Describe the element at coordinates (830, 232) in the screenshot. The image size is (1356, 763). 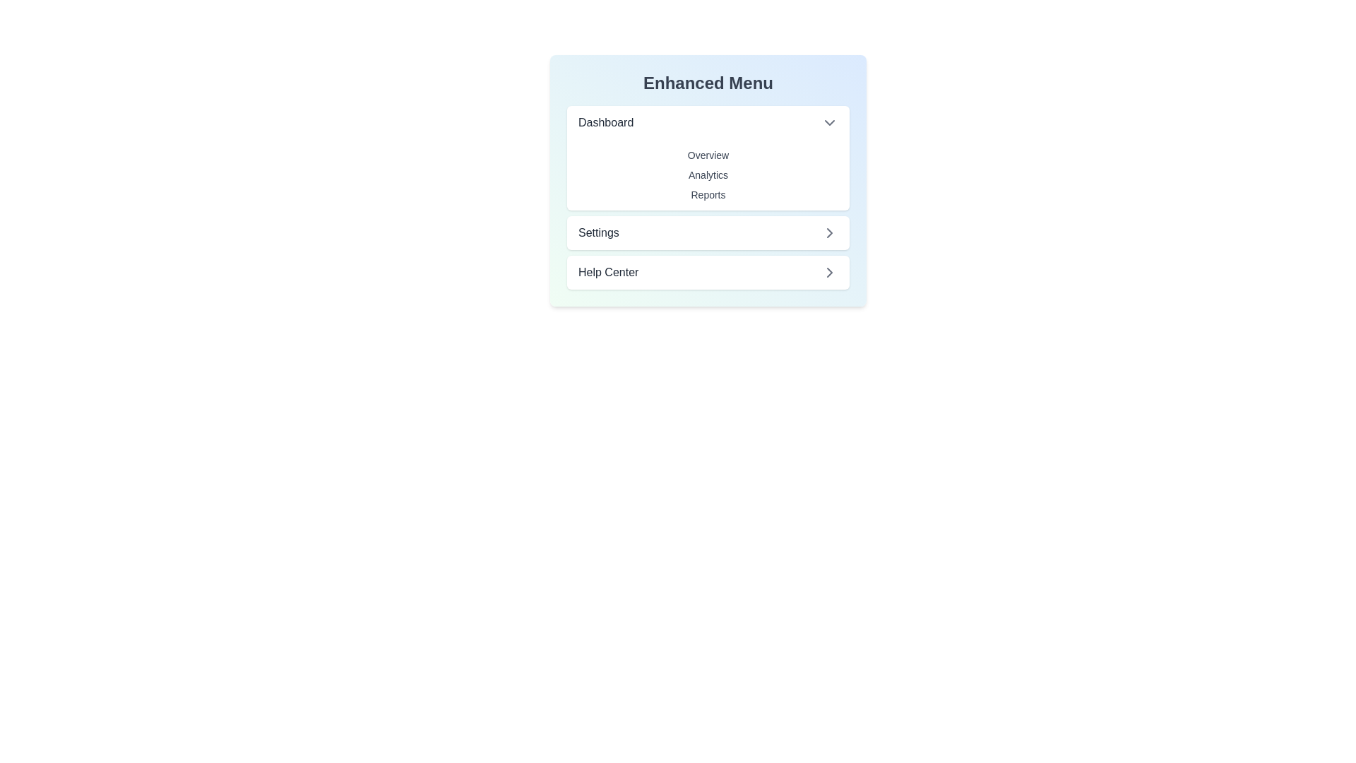
I see `the chevron-shaped right arrow icon, which is gray and located to the far-right of the 'Settings' option in the 'Enhanced Menu'` at that location.